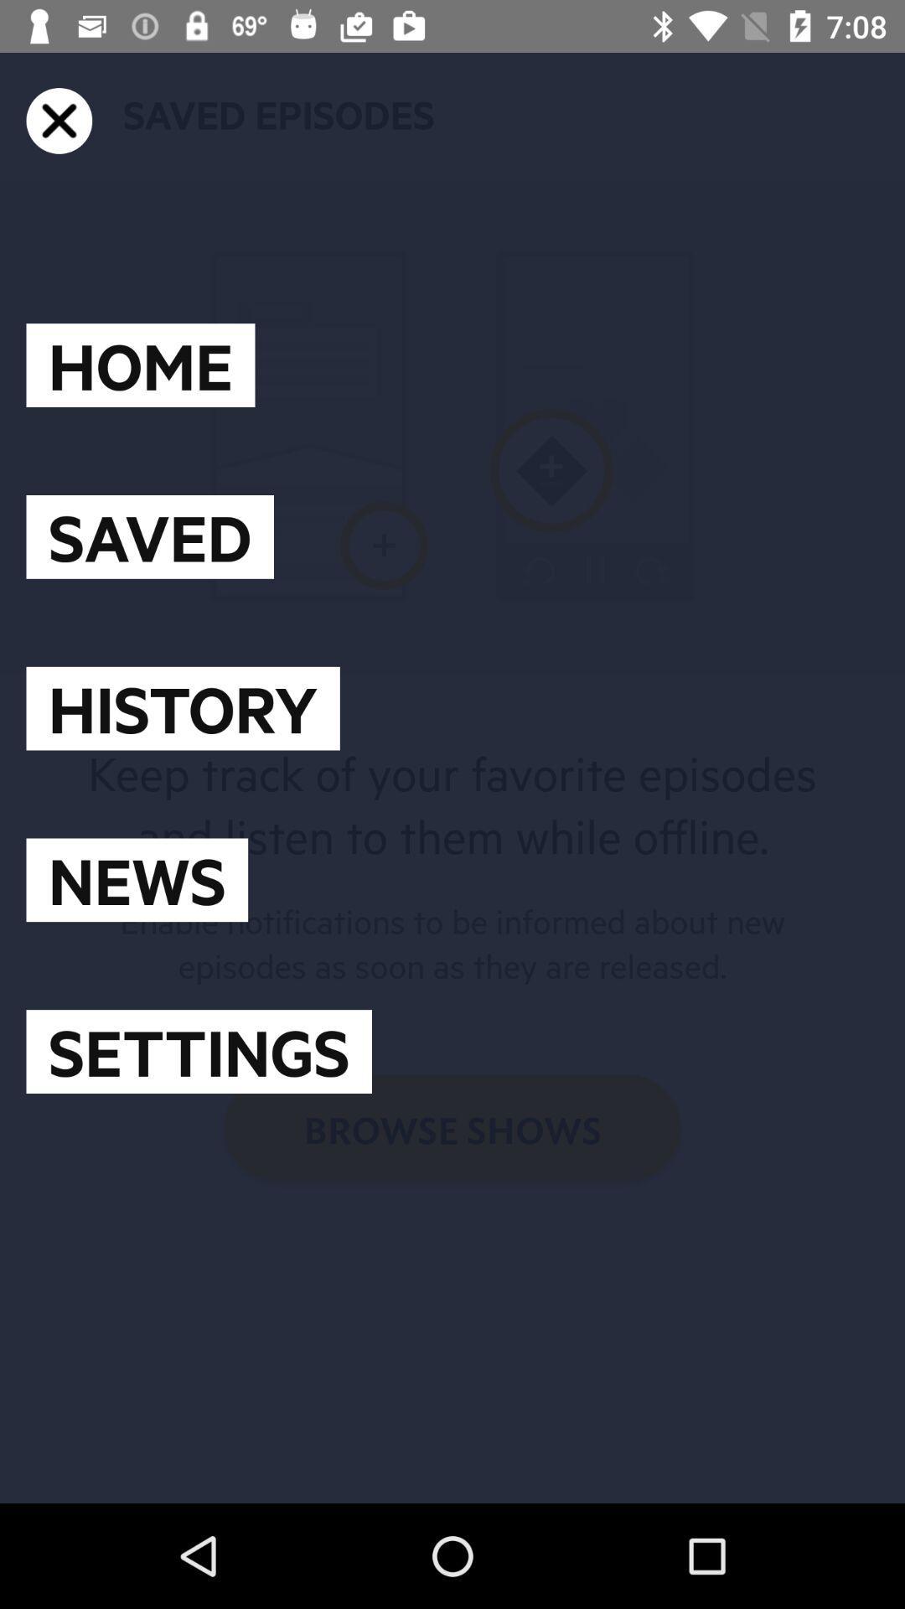  Describe the element at coordinates (149, 536) in the screenshot. I see `item above the history item` at that location.